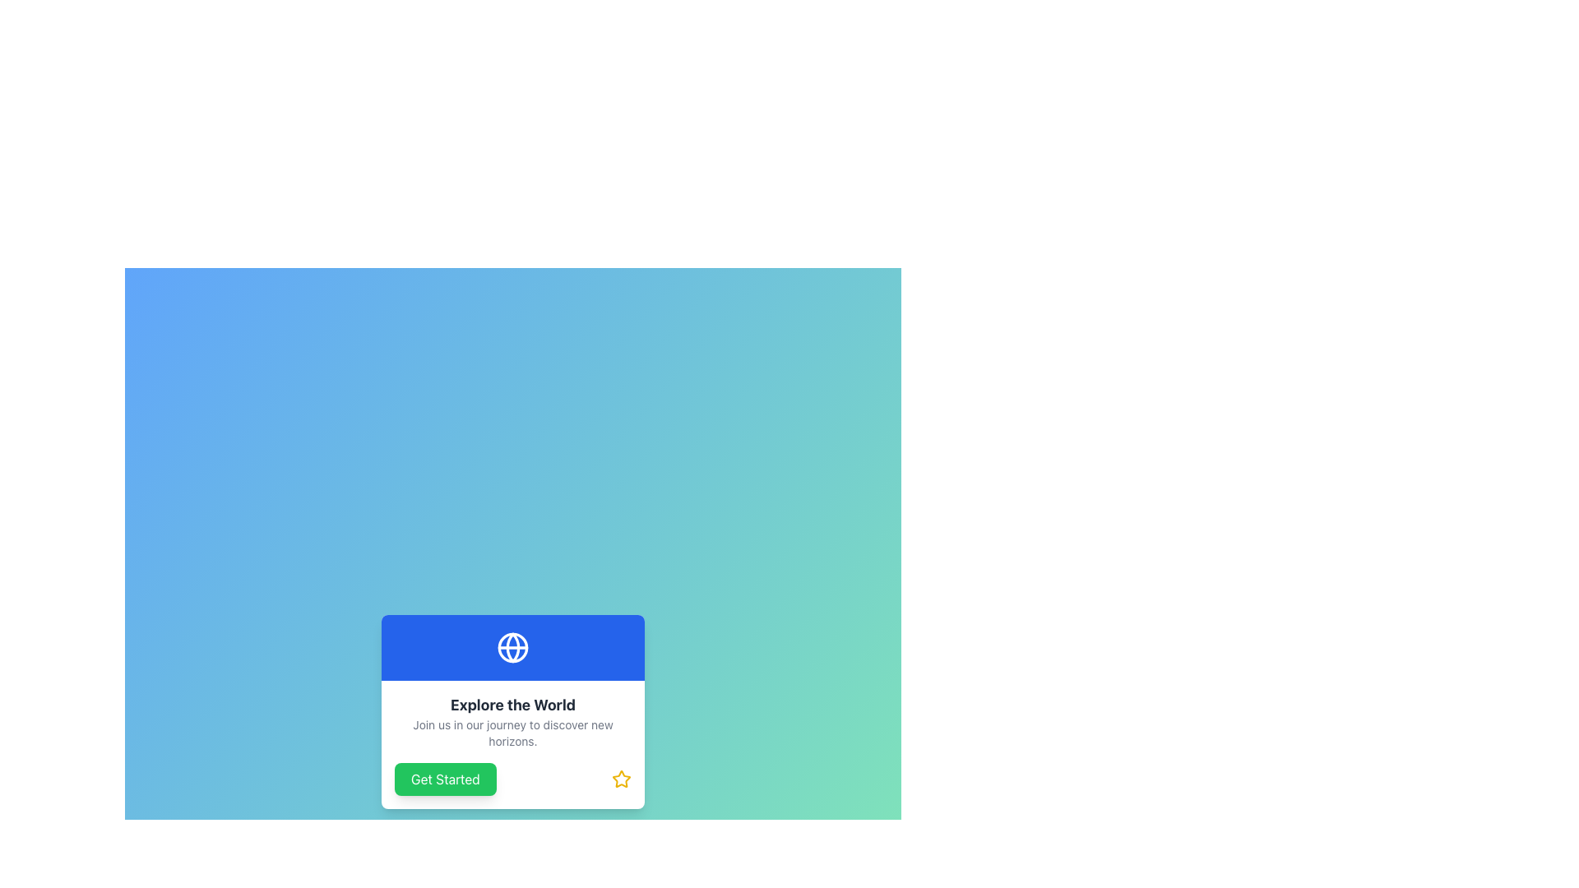 The width and height of the screenshot is (1579, 888). Describe the element at coordinates (445, 779) in the screenshot. I see `the green 'Get Started' button with rounded corners located at the bottom area of the card, which is leftmost in a horizontal layout and features a shadow effect` at that location.